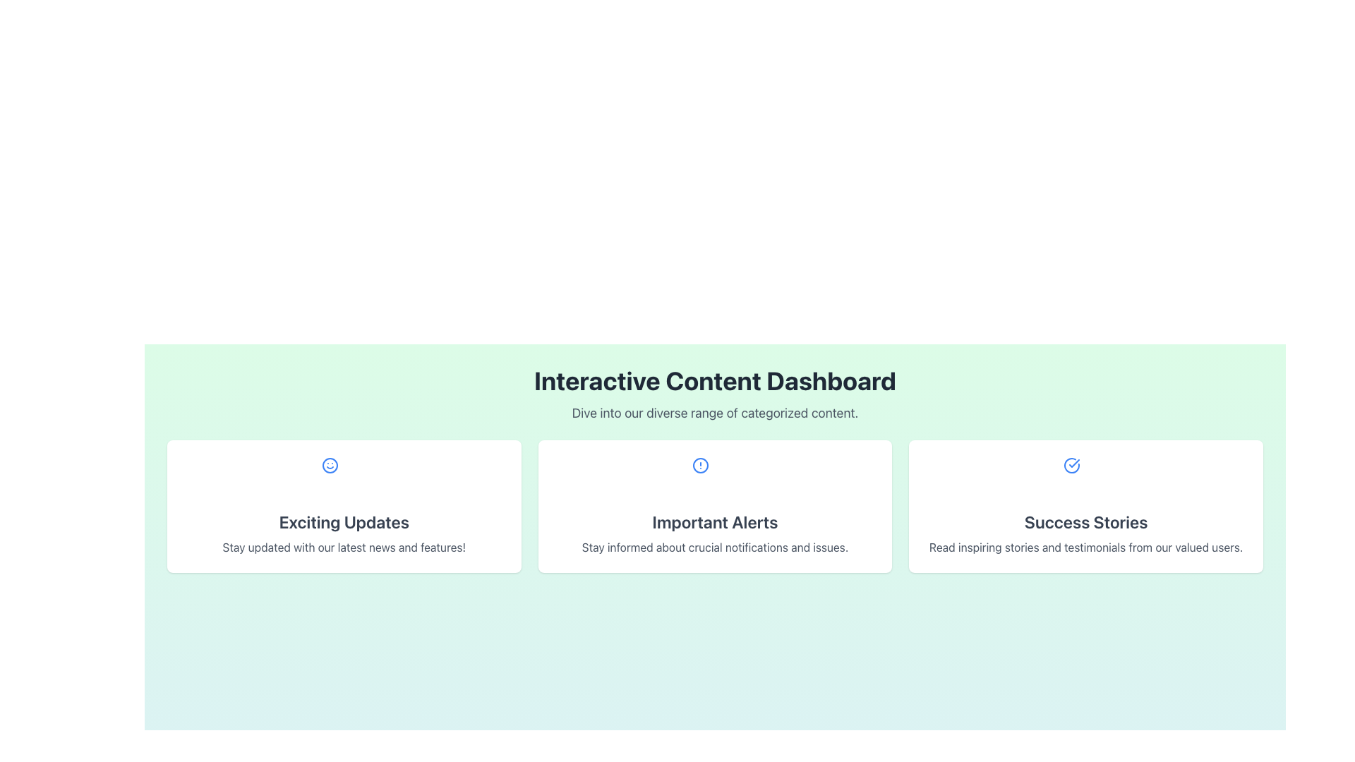 Image resolution: width=1355 pixels, height=762 pixels. I want to click on the success indicator icon located at the upper-center area of the 'Success Stories' card, which is the third card from the left, so click(1072, 465).